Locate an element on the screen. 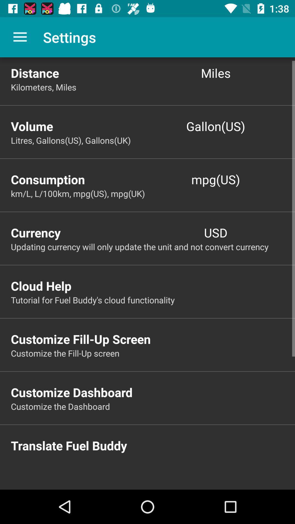 The height and width of the screenshot is (524, 295). item below the litres gallons us is located at coordinates (79, 179).